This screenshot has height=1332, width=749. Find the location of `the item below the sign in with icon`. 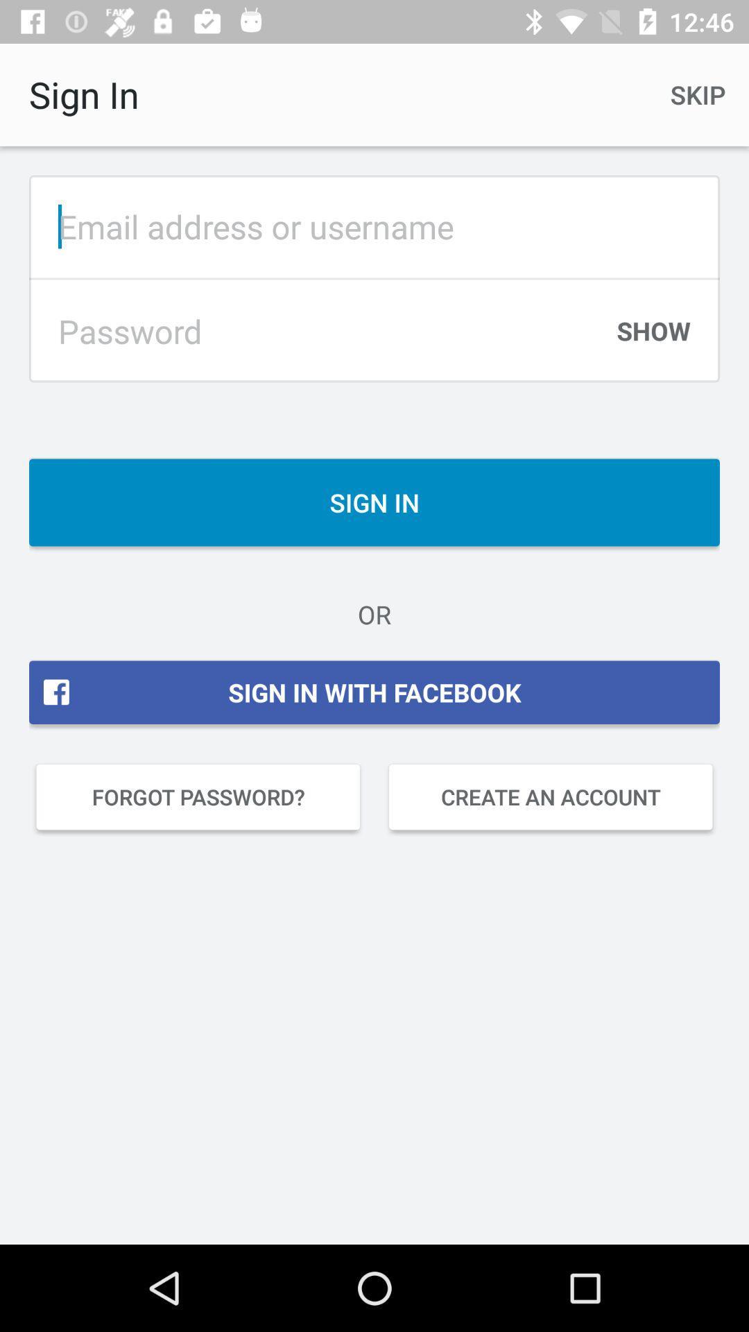

the item below the sign in with icon is located at coordinates (550, 796).